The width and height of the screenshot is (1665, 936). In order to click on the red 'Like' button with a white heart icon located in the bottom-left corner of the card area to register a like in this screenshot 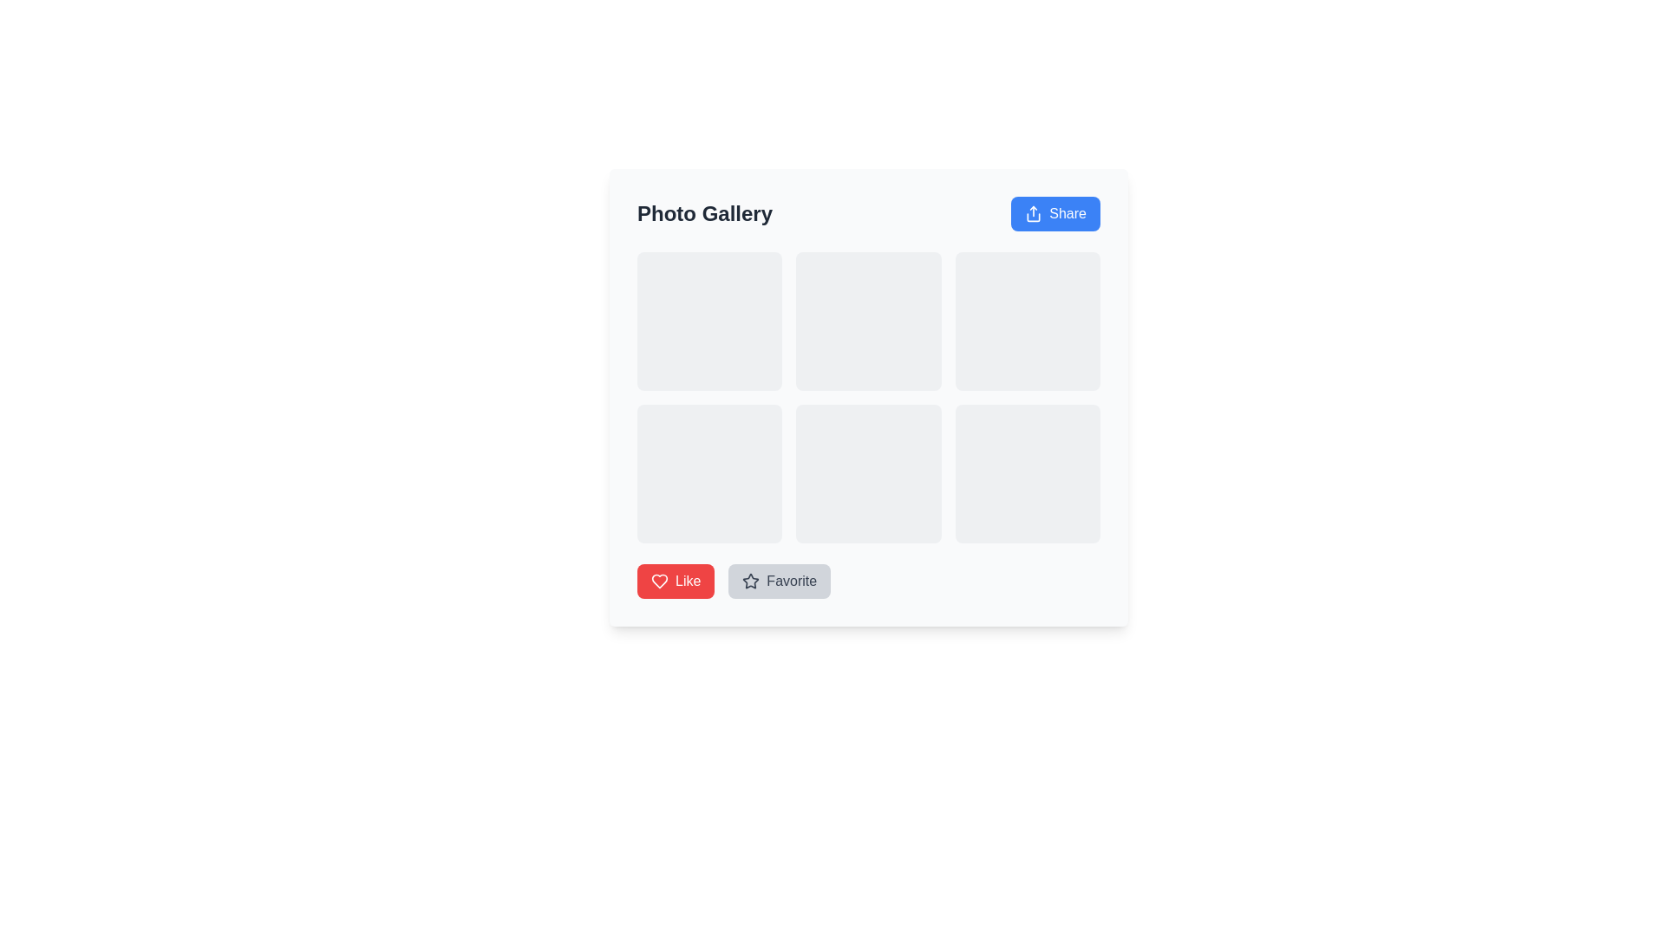, I will do `click(675, 582)`.